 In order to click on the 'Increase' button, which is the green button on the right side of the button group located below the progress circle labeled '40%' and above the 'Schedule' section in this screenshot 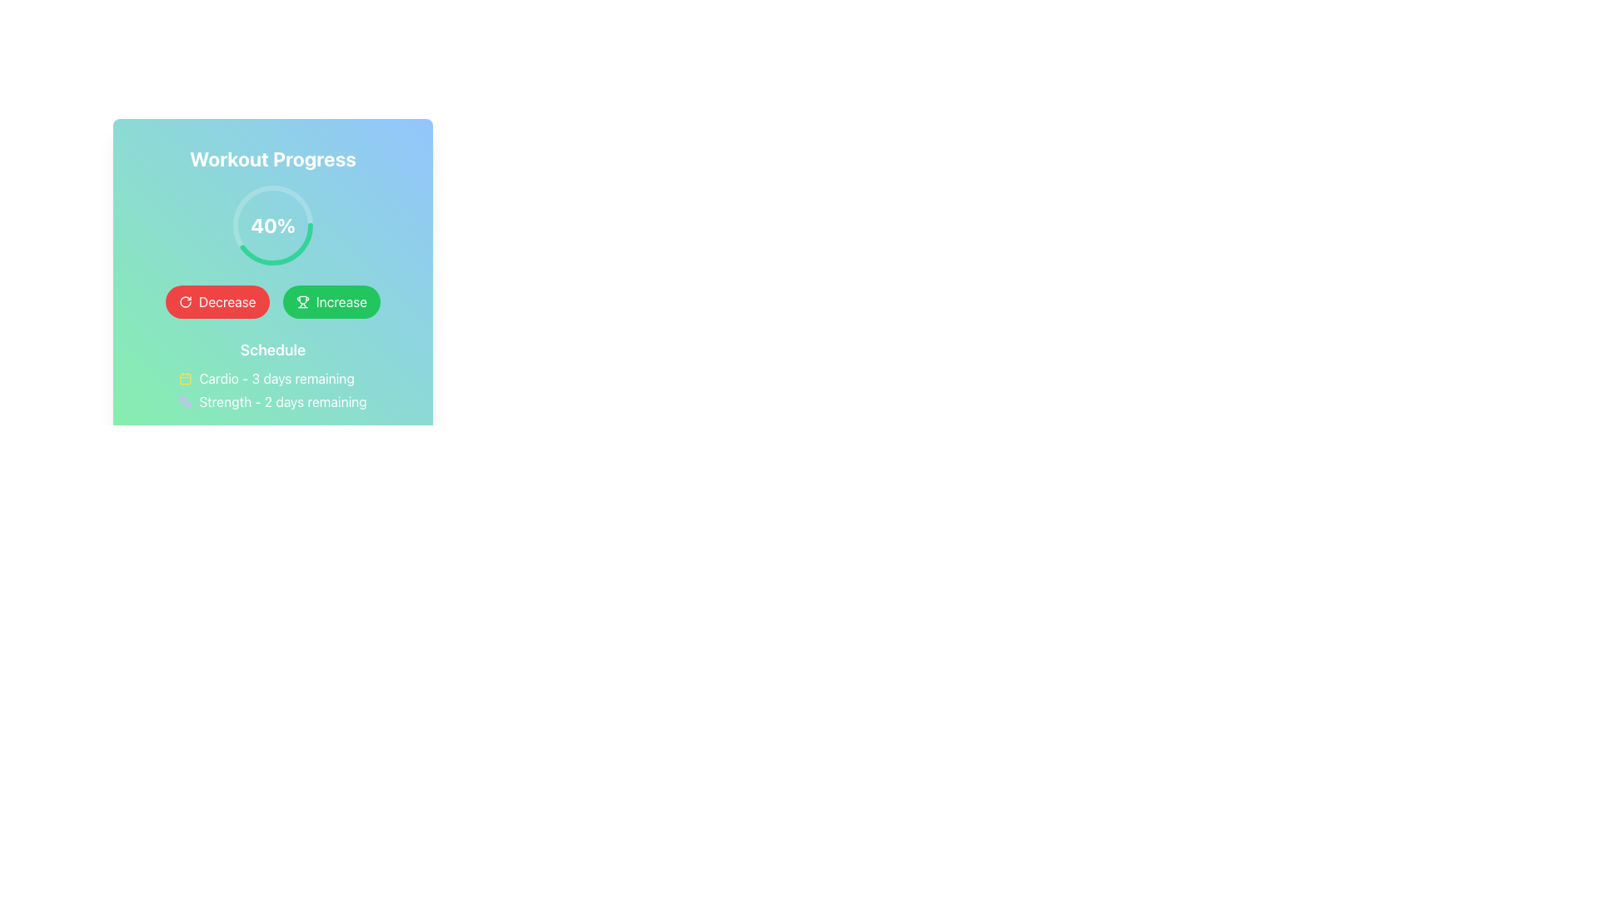, I will do `click(272, 301)`.